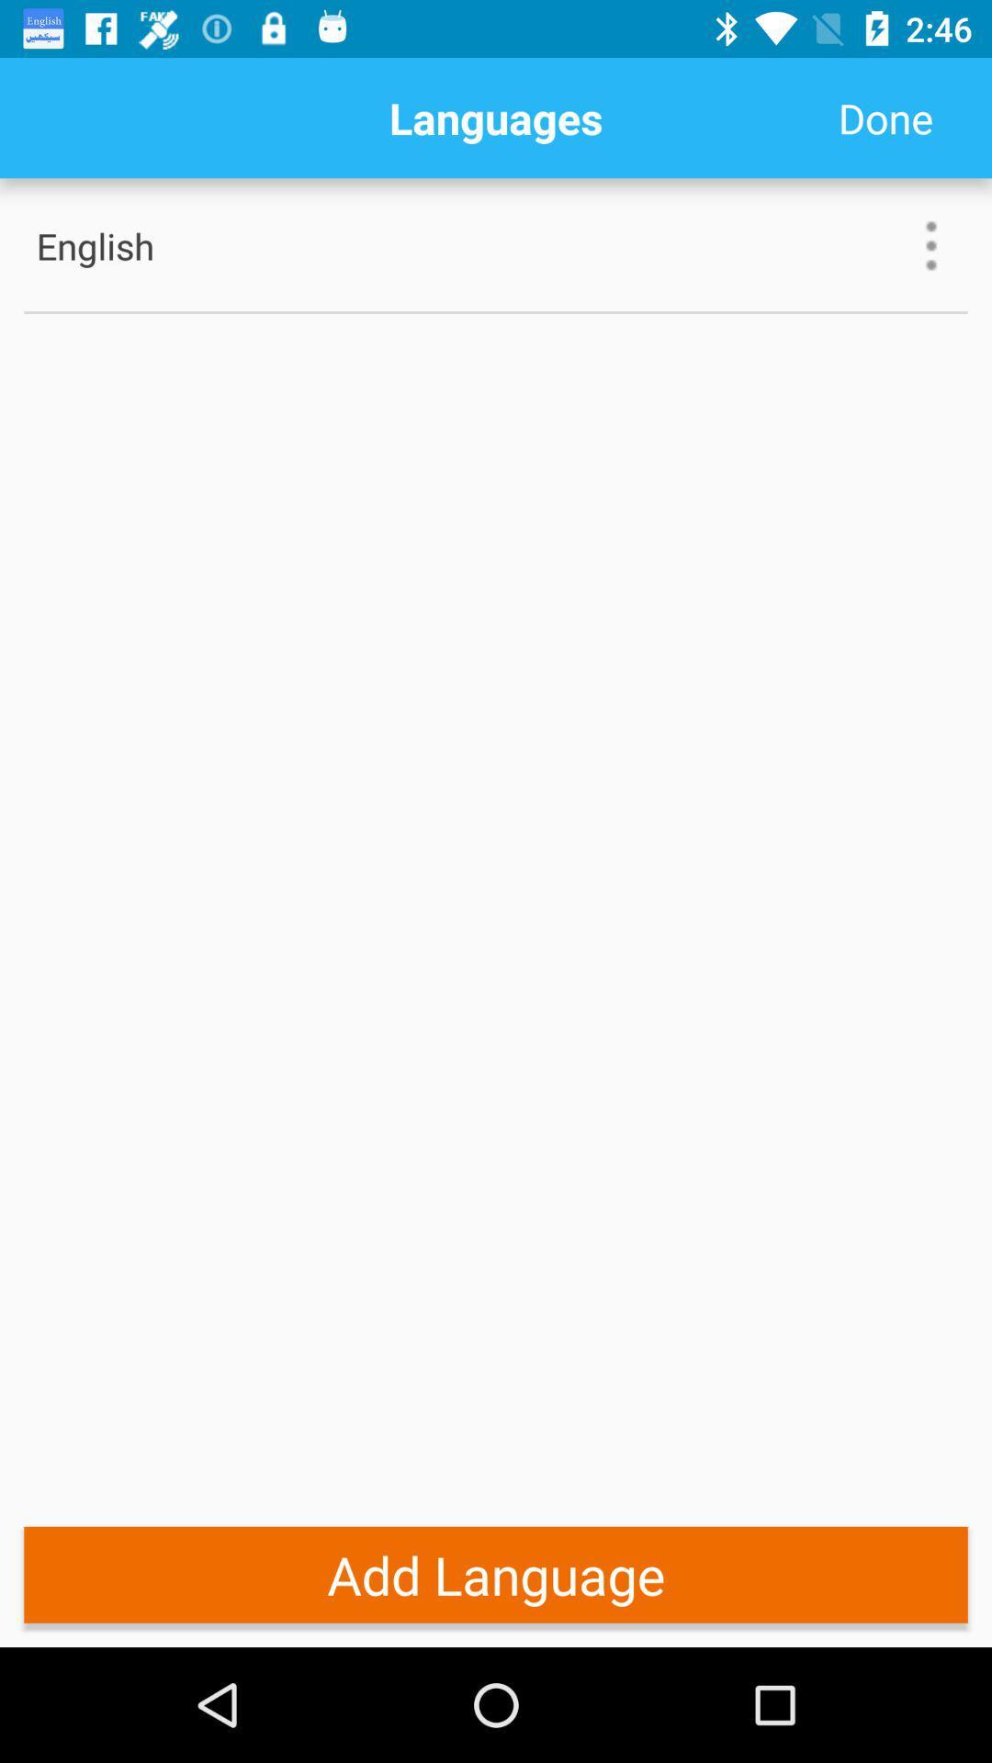 This screenshot has height=1763, width=992. I want to click on done item, so click(885, 117).